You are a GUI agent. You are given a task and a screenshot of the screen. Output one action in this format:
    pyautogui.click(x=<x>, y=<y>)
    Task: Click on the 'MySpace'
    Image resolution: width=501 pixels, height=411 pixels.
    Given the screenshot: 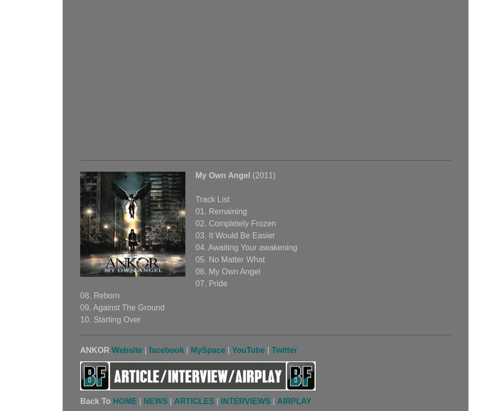 What is the action you would take?
    pyautogui.click(x=207, y=350)
    